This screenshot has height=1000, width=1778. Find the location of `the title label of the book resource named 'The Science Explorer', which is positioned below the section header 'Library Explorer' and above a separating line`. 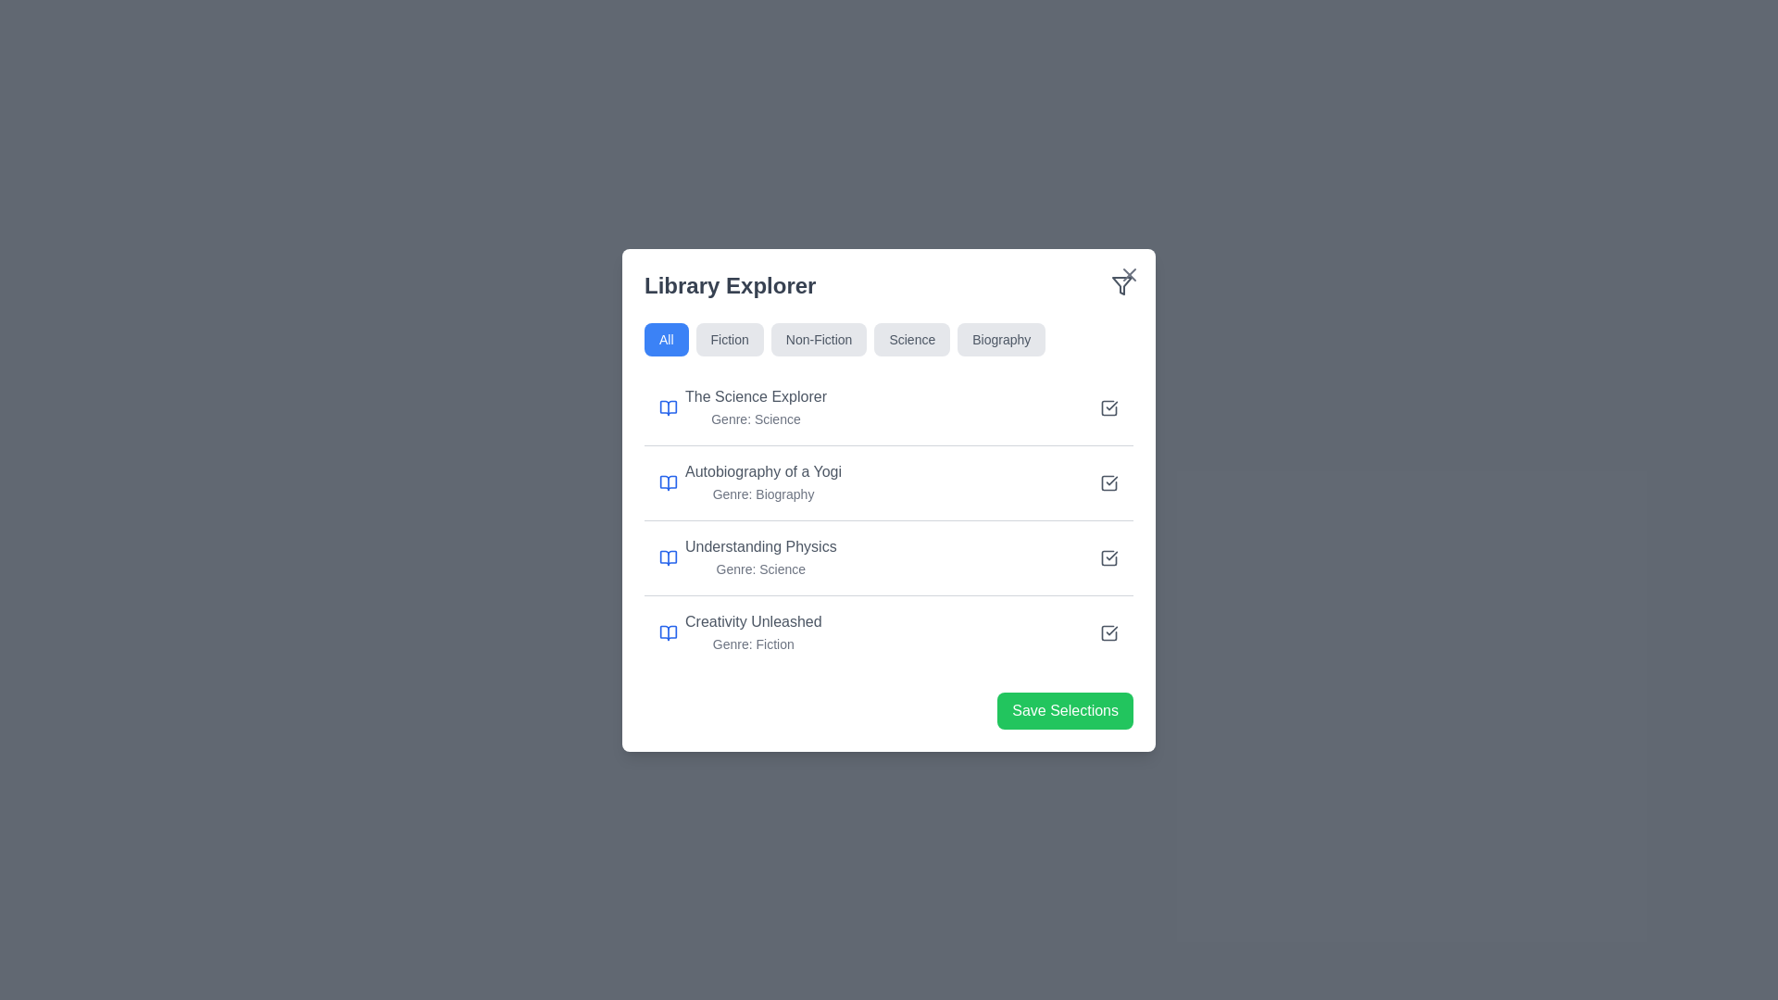

the title label of the book resource named 'The Science Explorer', which is positioned below the section header 'Library Explorer' and above a separating line is located at coordinates (756, 395).